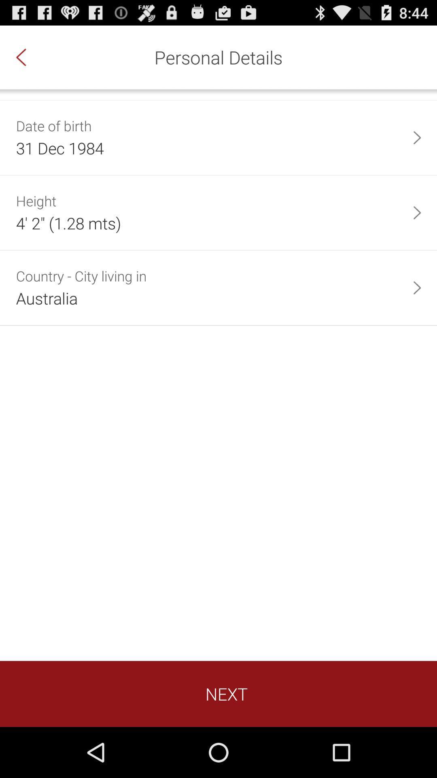 This screenshot has height=778, width=437. Describe the element at coordinates (417, 137) in the screenshot. I see `item next to 31 dec 1984 app` at that location.